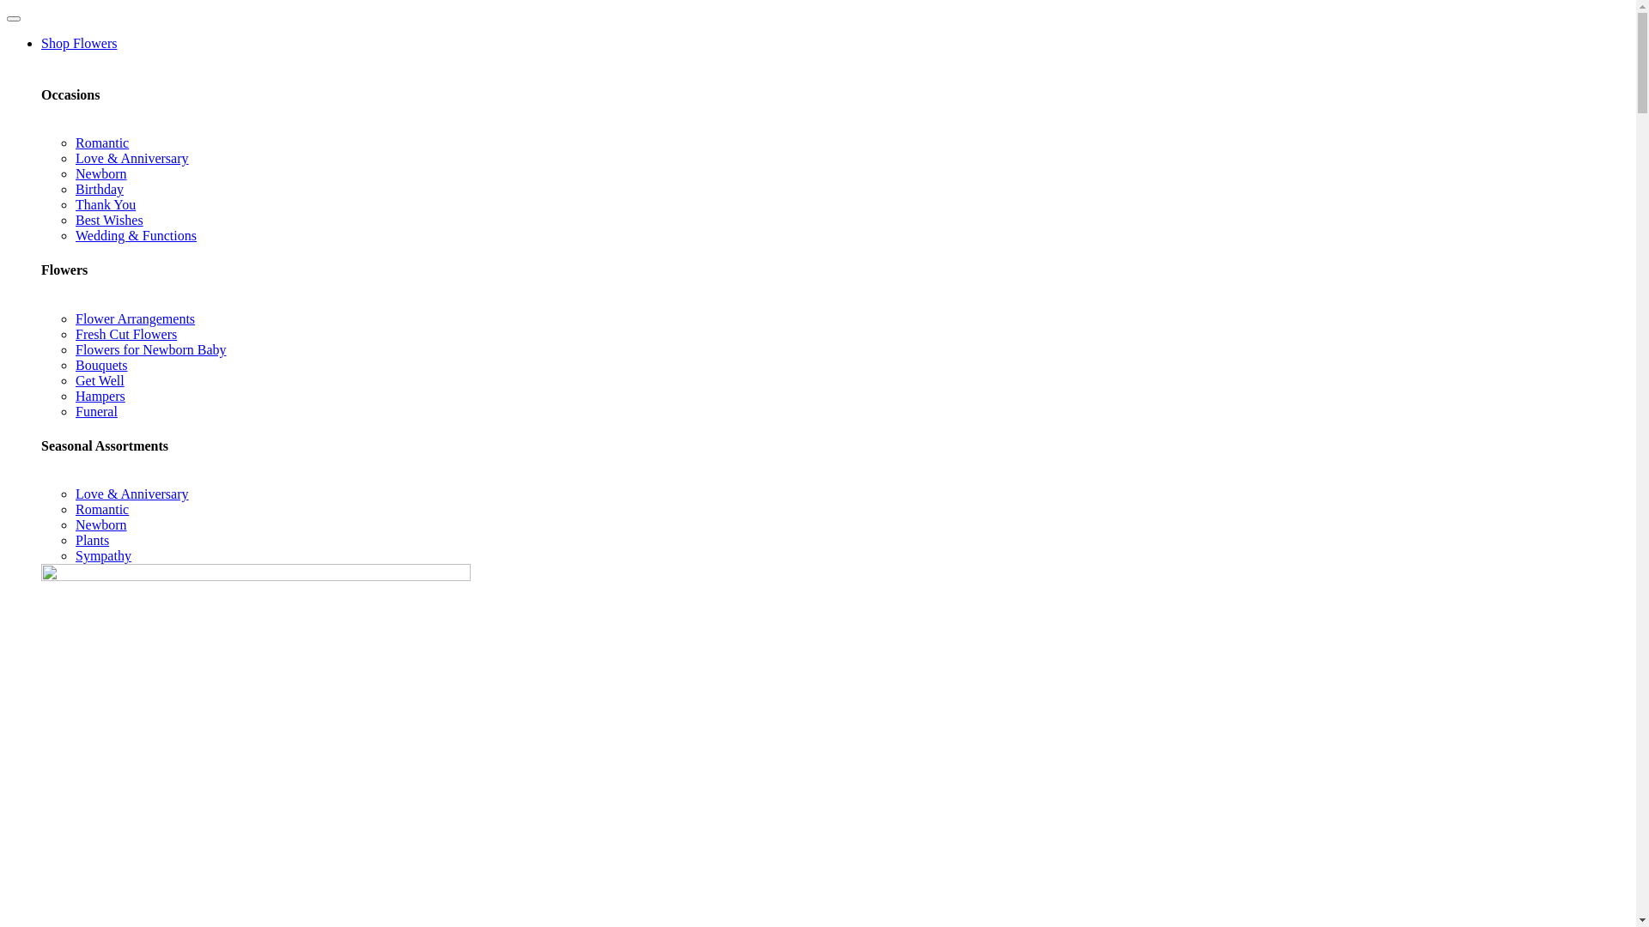  I want to click on 'Romantic', so click(101, 508).